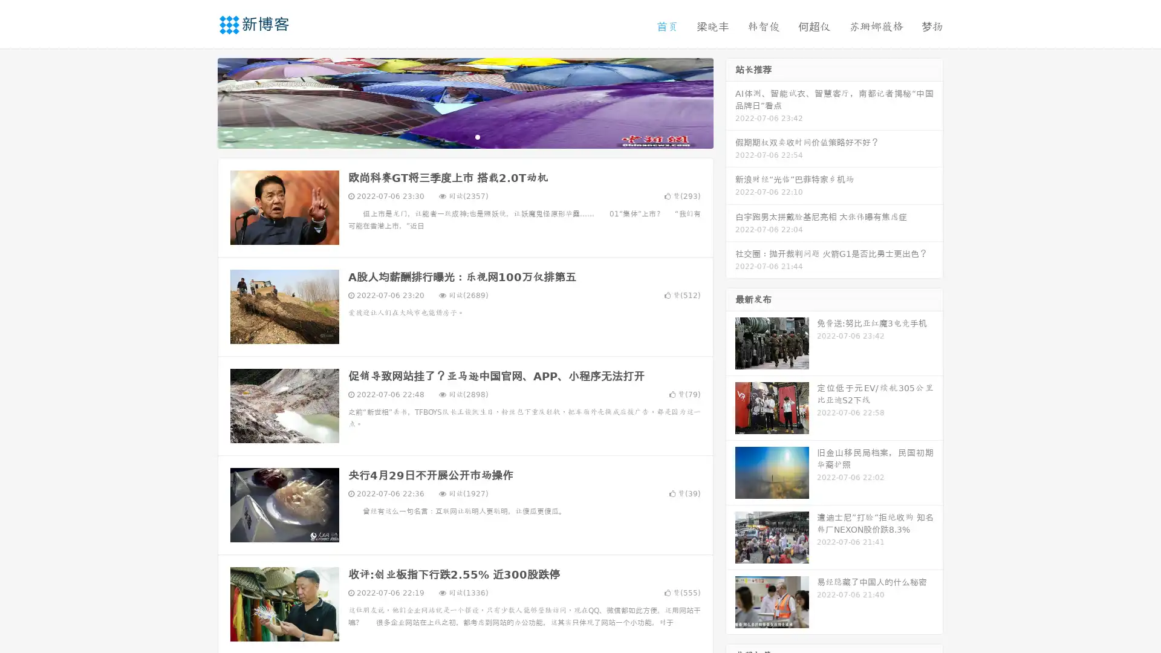 The width and height of the screenshot is (1161, 653). What do you see at coordinates (452, 136) in the screenshot?
I see `Go to slide 1` at bounding box center [452, 136].